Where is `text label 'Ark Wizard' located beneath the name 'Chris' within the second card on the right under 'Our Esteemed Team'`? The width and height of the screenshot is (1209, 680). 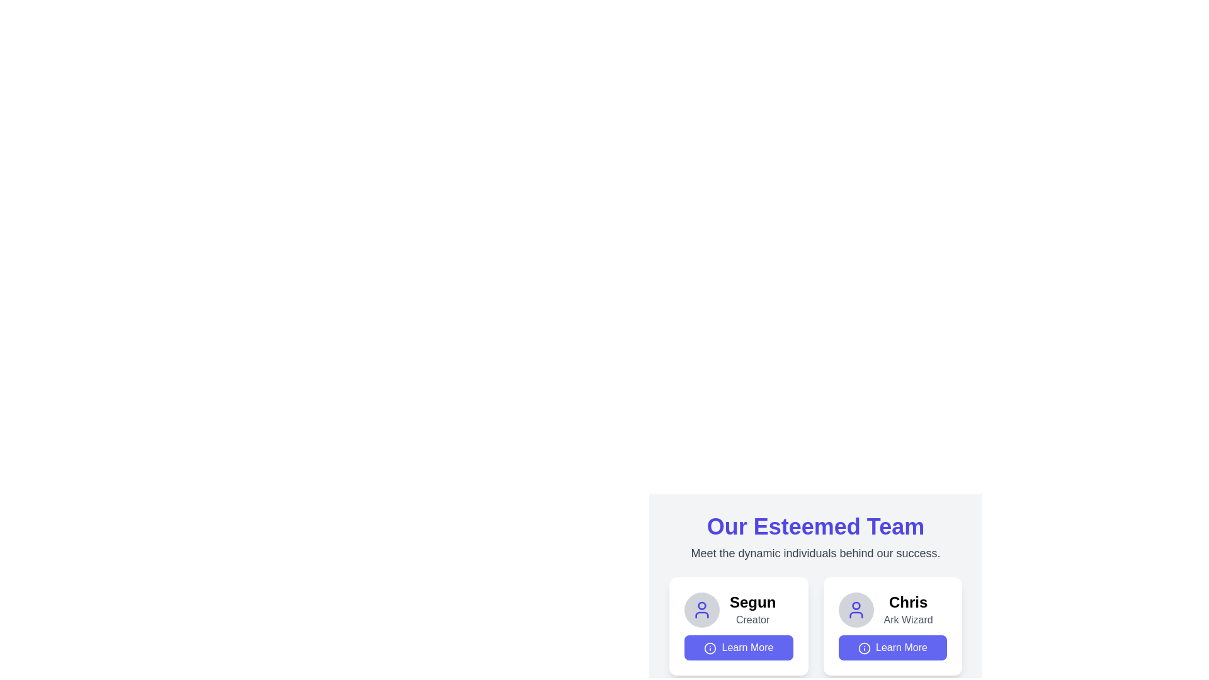 text label 'Ark Wizard' located beneath the name 'Chris' within the second card on the right under 'Our Esteemed Team' is located at coordinates (908, 619).